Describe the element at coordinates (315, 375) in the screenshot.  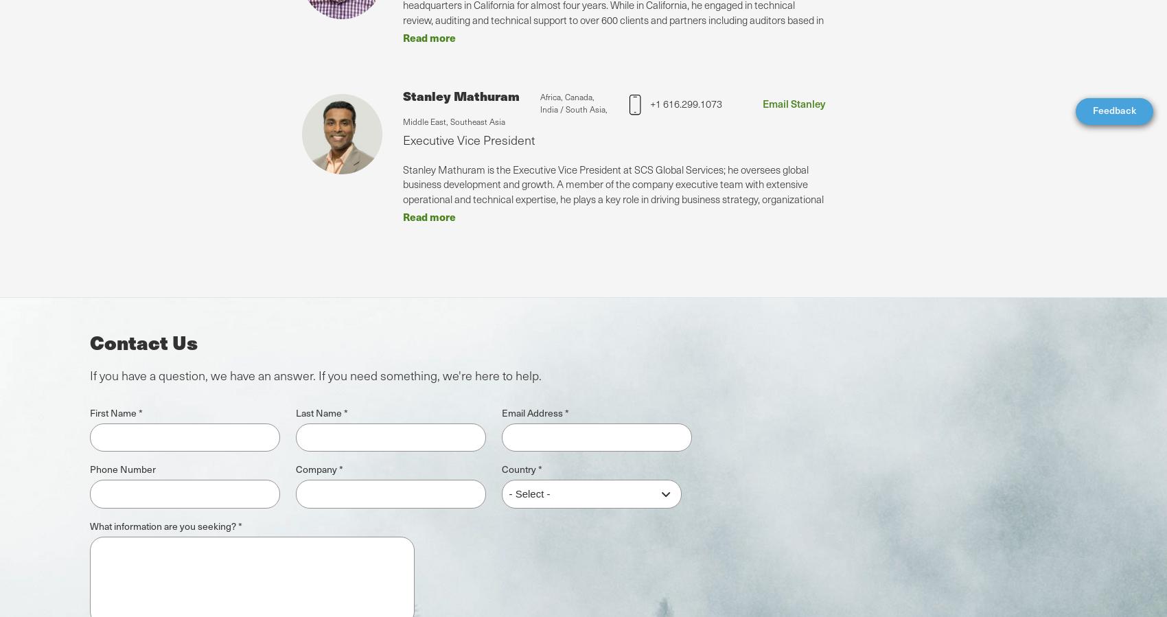
I see `'If you have a question, we have an answer. If you need something, we're here to help.'` at that location.